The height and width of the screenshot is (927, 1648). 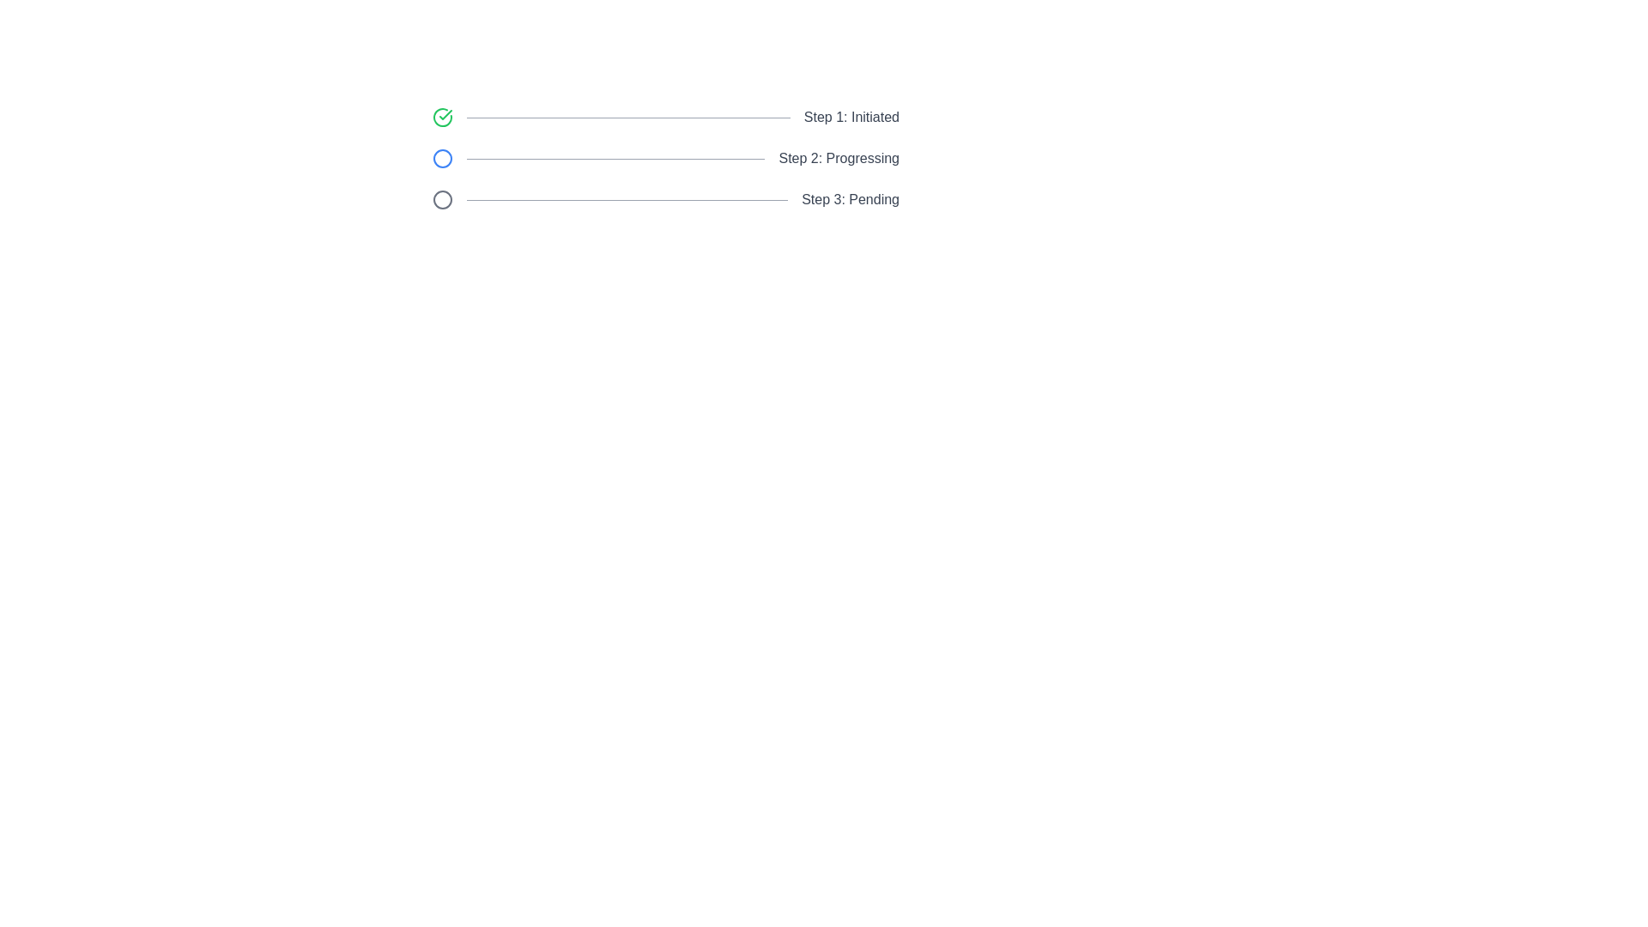 What do you see at coordinates (627, 198) in the screenshot?
I see `the Separator or Line Component that visually separates the circular icon on the left and the 'Step 3: Pending' label on the right, located within the bottom third of the list of steps` at bounding box center [627, 198].